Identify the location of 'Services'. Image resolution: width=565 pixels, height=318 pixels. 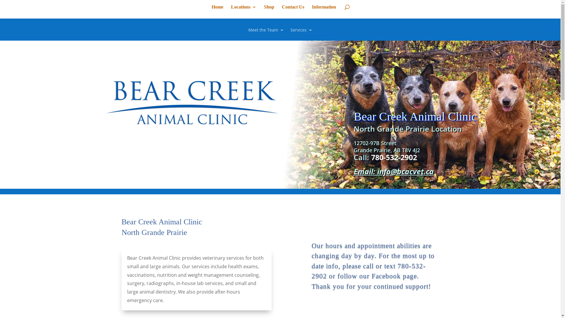
(301, 34).